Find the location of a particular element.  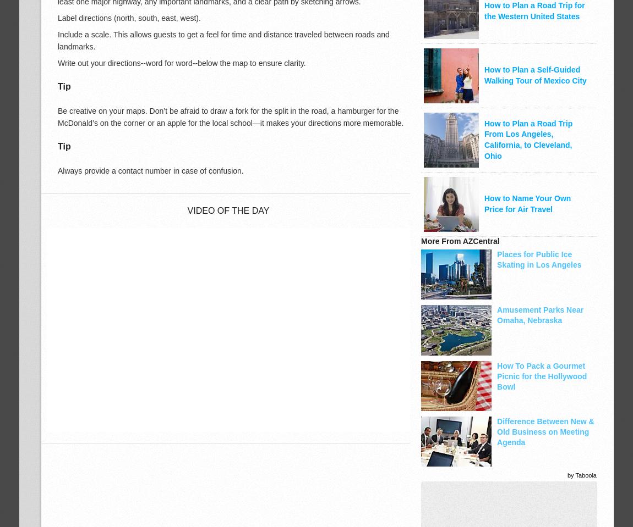

'Always provide a contact number in case of confusion.' is located at coordinates (150, 170).